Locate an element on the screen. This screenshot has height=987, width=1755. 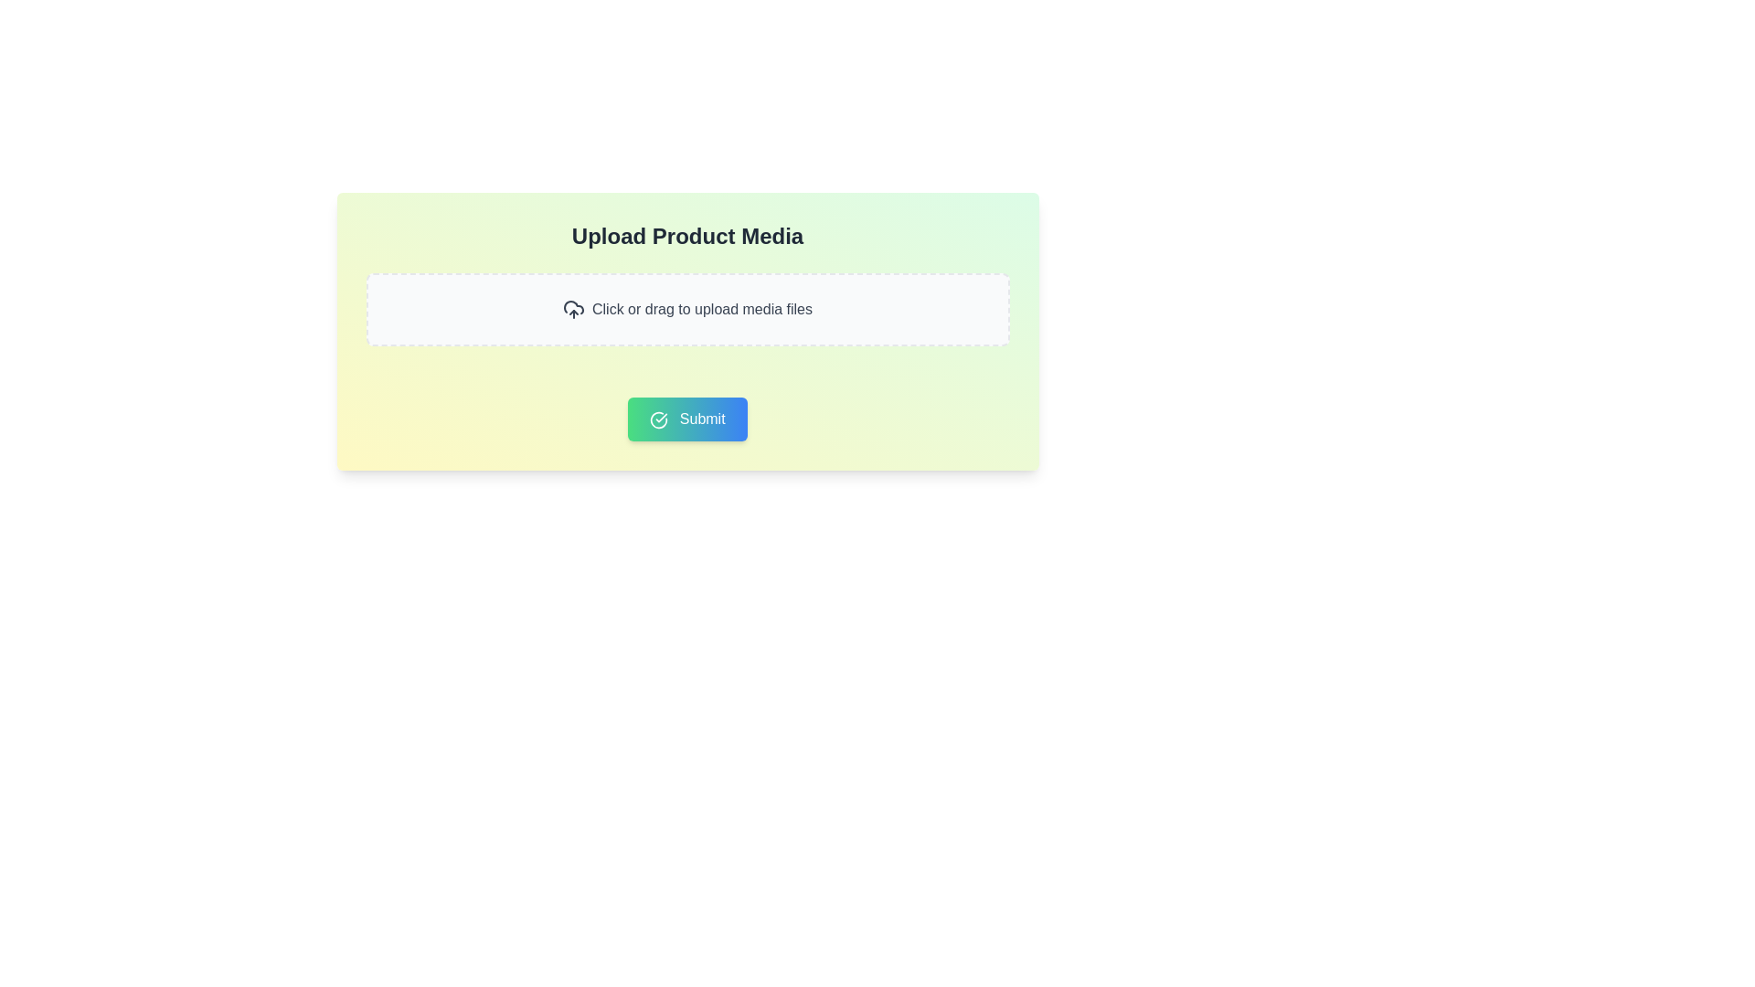
the File upload area, which is a rectangular box with dashed borders and a light gray background, containing the prompt 'Click or drag to upload media files' is located at coordinates (686, 309).